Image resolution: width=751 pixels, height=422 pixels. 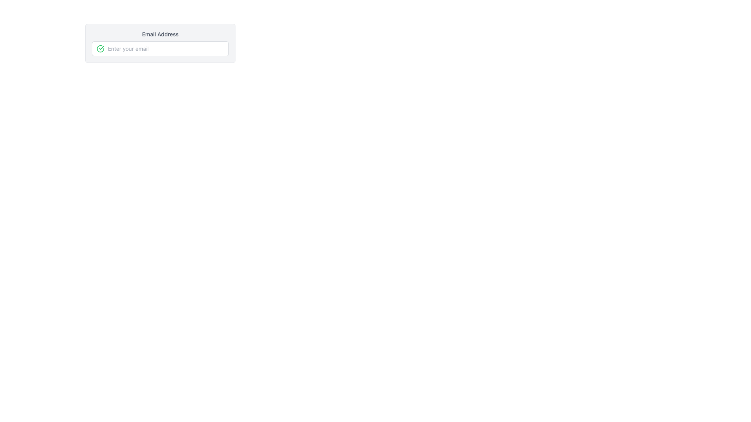 I want to click on the green circular SVG element with icons that is part of a validation check, located to the left of an email input field, so click(x=100, y=48).